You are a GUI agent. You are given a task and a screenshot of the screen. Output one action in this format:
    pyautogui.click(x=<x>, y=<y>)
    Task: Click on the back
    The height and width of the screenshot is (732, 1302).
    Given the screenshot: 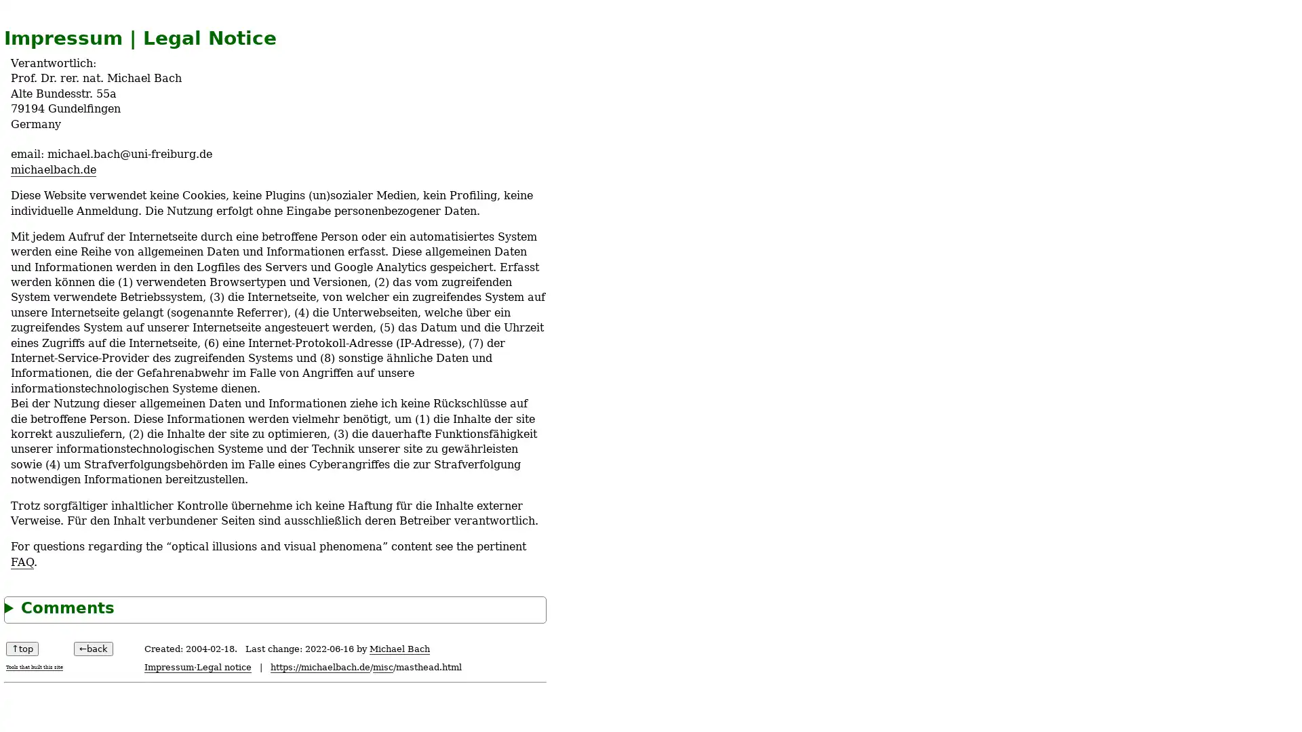 What is the action you would take?
    pyautogui.click(x=93, y=648)
    